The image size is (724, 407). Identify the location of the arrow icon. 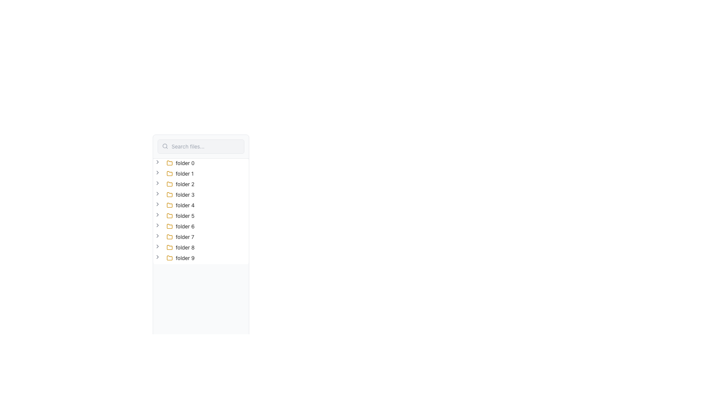
(157, 194).